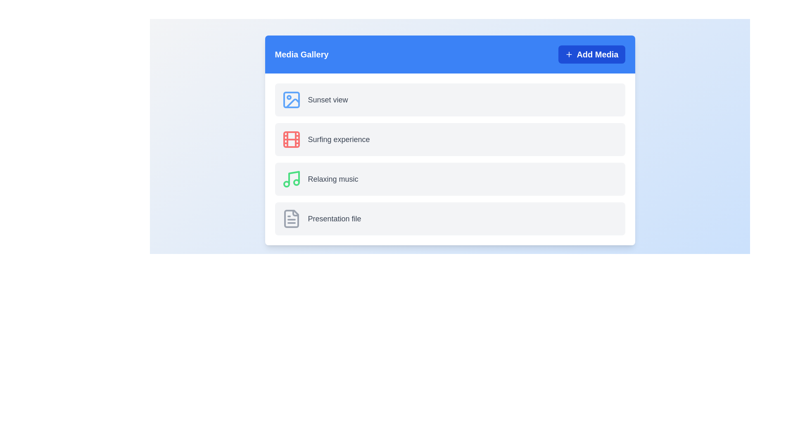 This screenshot has height=446, width=793. Describe the element at coordinates (291, 100) in the screenshot. I see `the media type icon located at the top left corner of the first list item in the 'Media Gallery' section, preceding the text label 'Sunset view'` at that location.